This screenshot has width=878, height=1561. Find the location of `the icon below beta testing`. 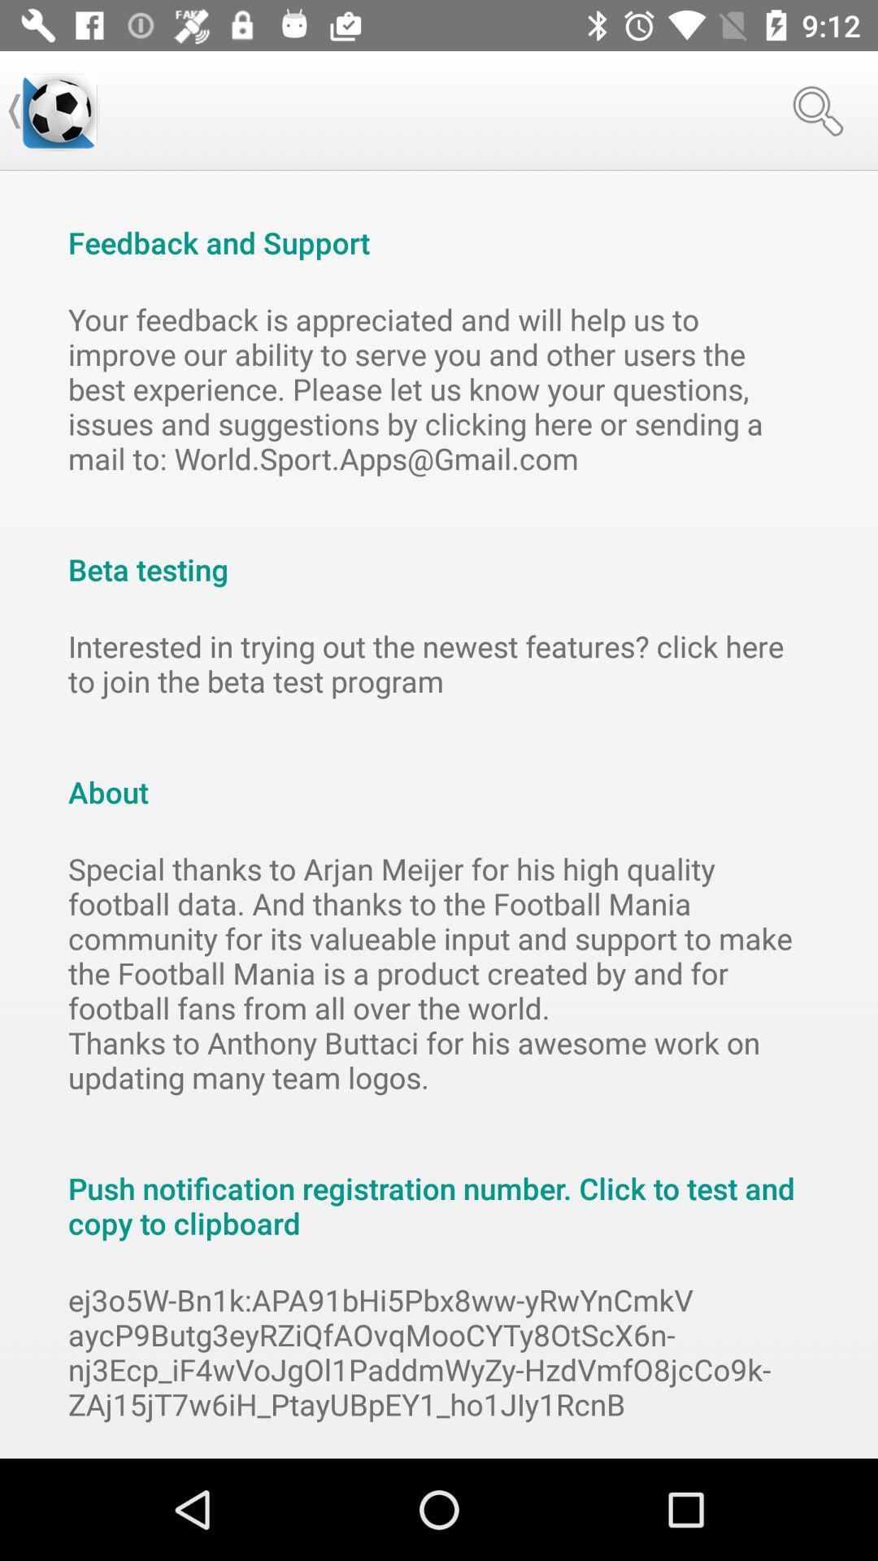

the icon below beta testing is located at coordinates (439, 663).